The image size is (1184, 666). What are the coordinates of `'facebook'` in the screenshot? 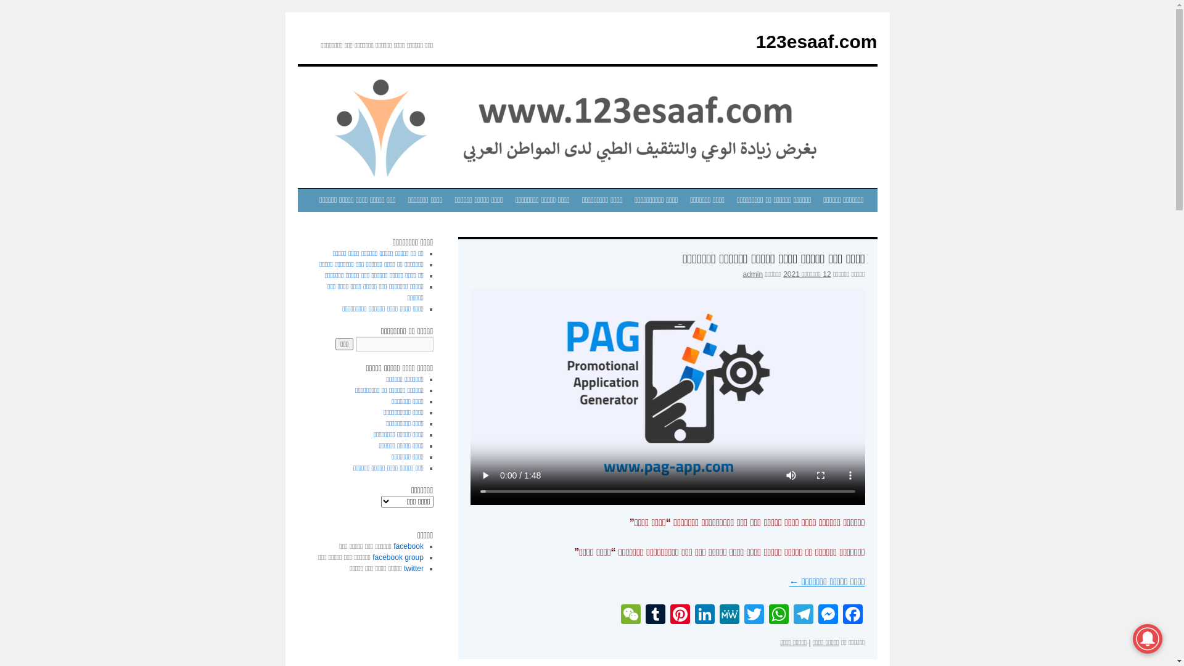 It's located at (408, 546).